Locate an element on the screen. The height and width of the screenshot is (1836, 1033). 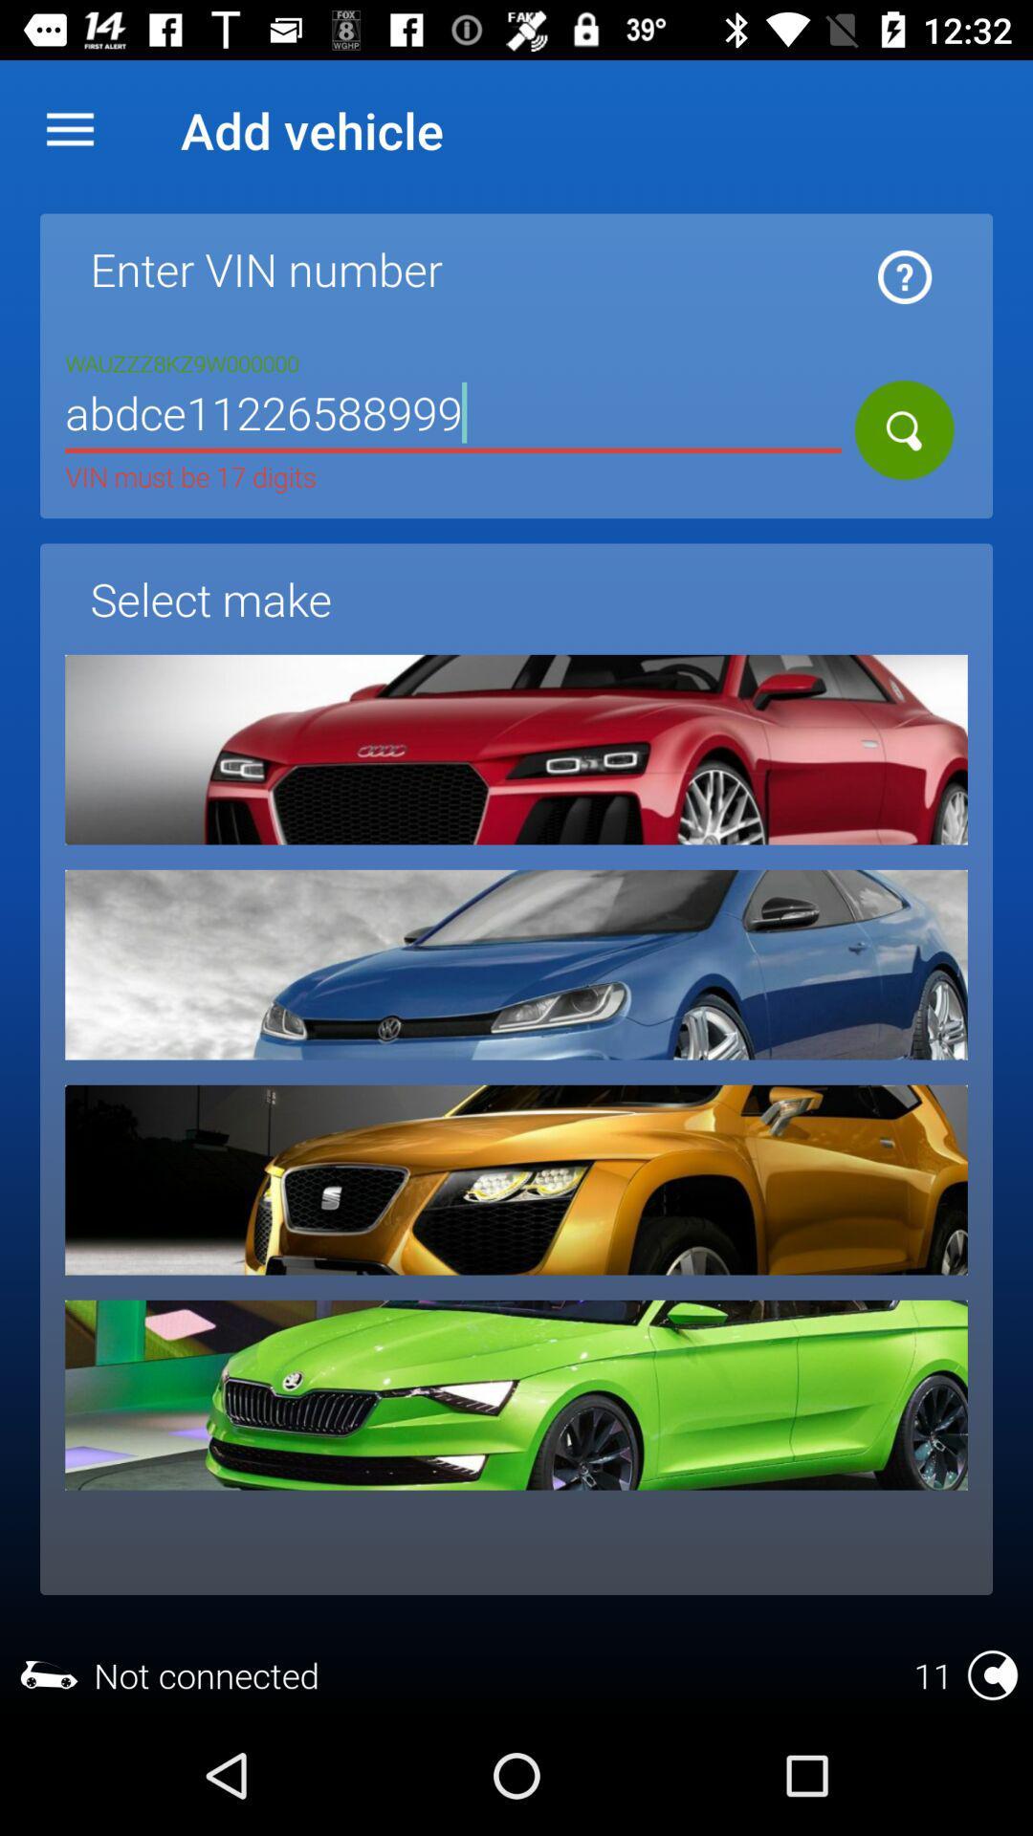
help option is located at coordinates (904, 275).